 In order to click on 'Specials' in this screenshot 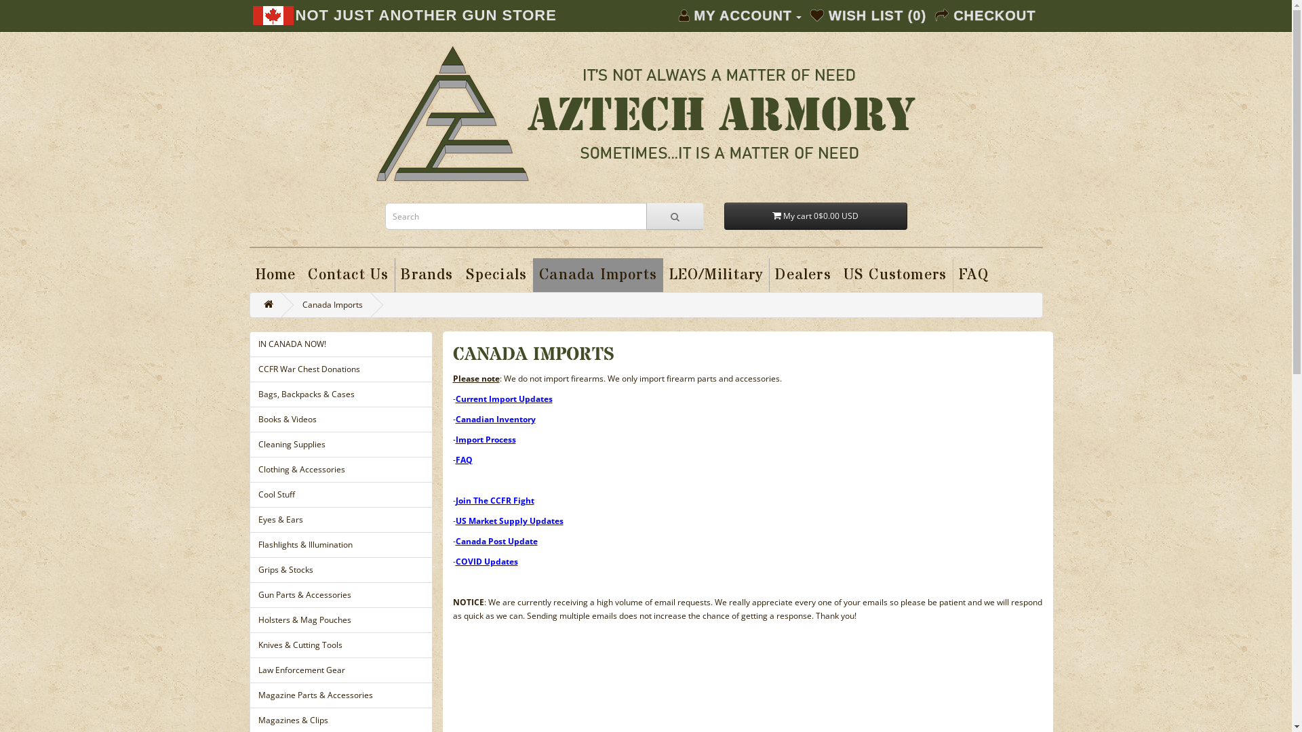, I will do `click(496, 274)`.